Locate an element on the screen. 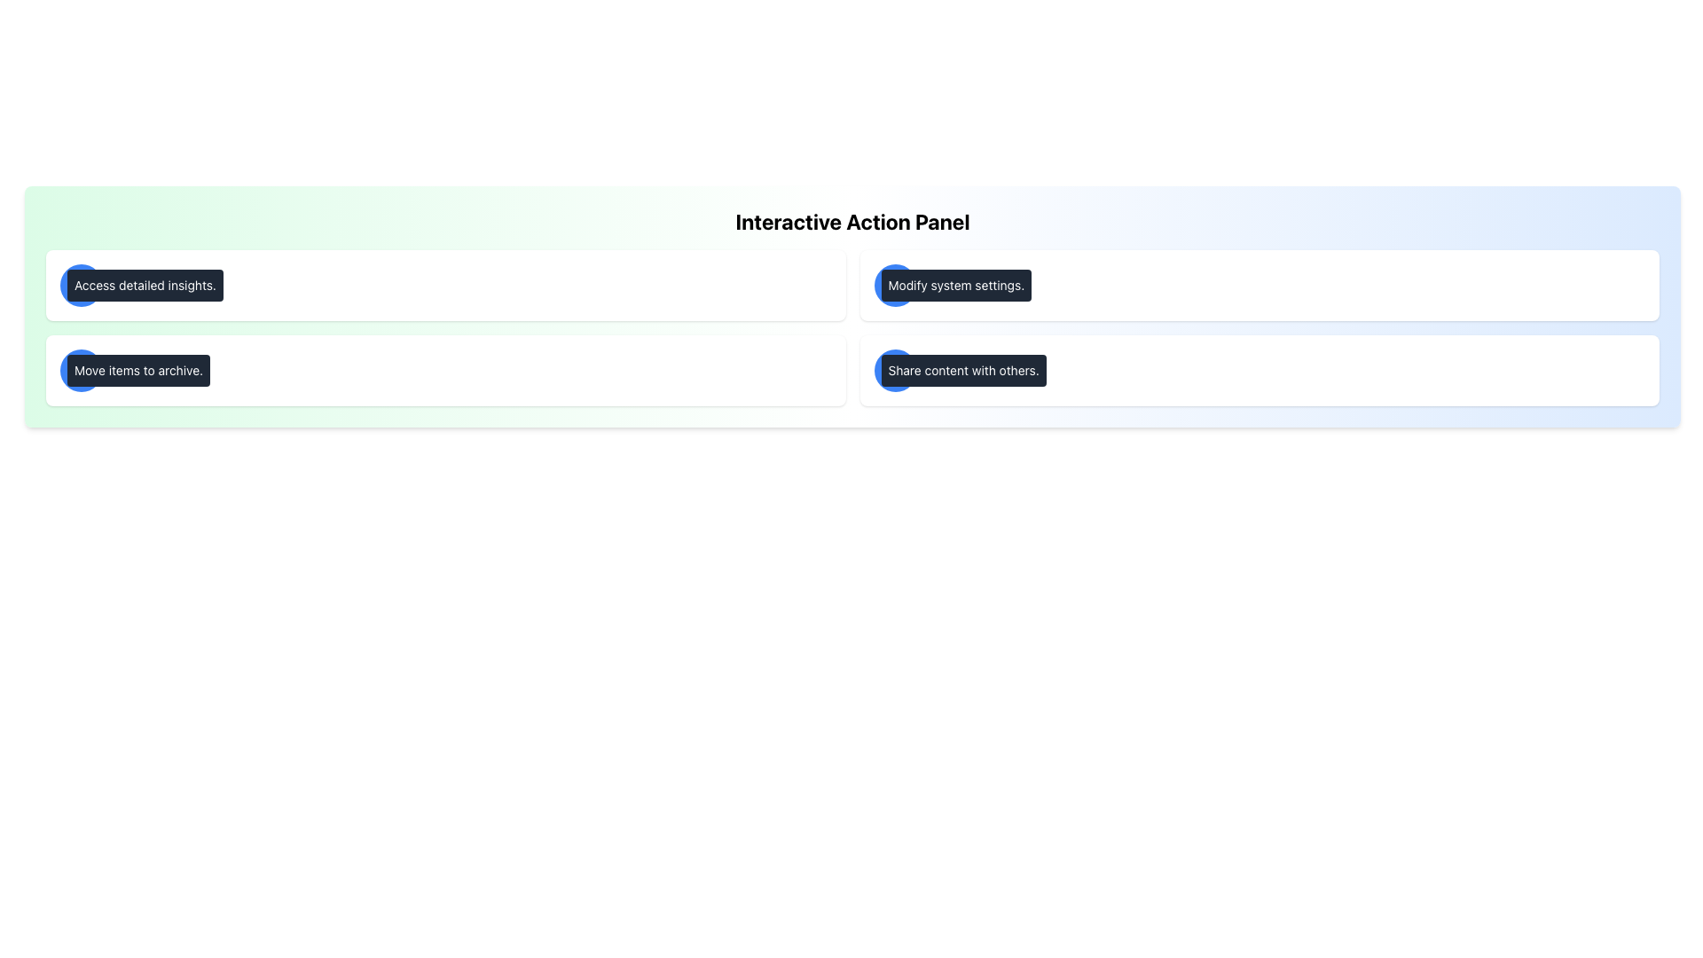 The image size is (1703, 958). the tooltip-style text indicator with a dark gray background that contains the text 'Share content with others.' is located at coordinates (962, 369).